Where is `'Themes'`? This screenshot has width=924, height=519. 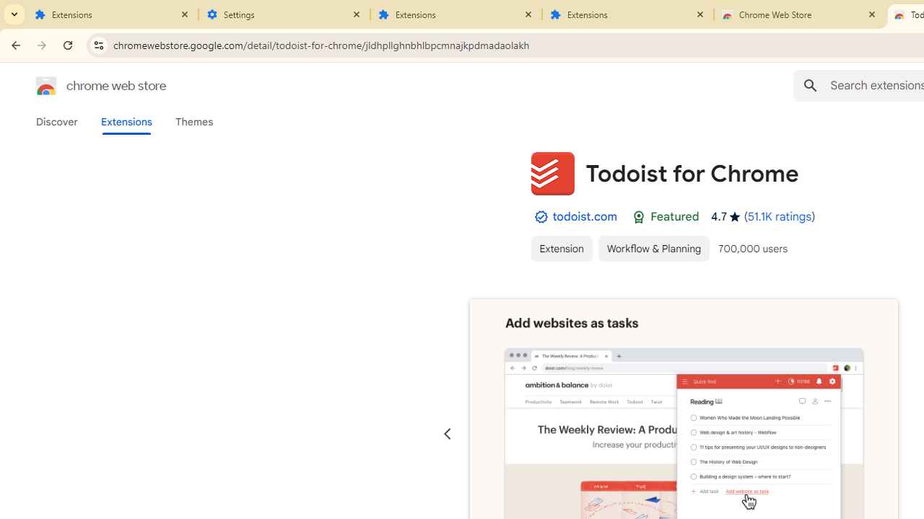
'Themes' is located at coordinates (193, 121).